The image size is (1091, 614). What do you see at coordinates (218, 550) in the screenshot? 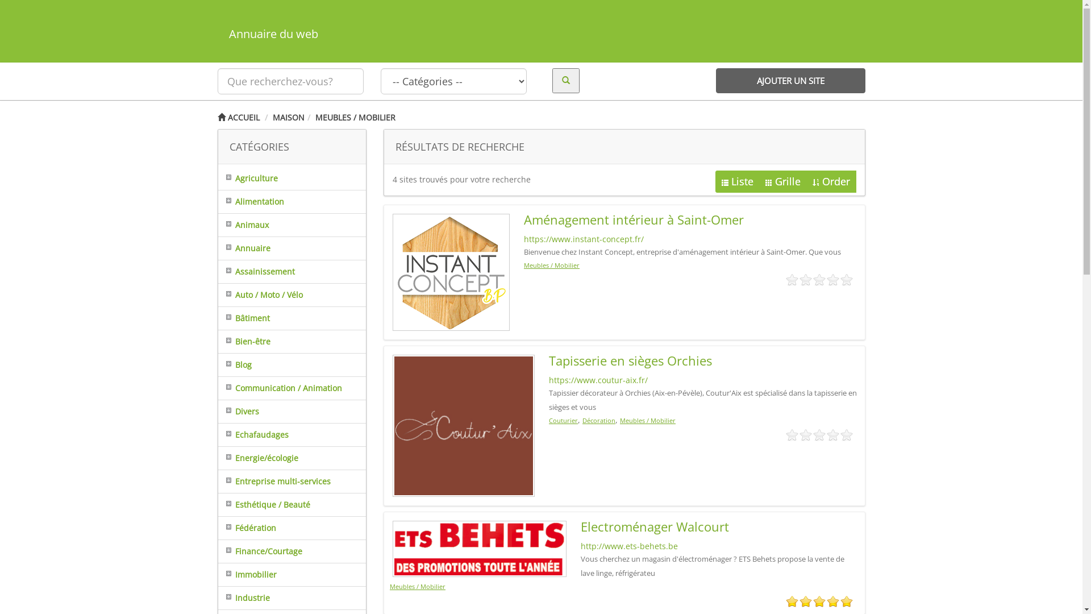
I see `'Finance/Courtage'` at bounding box center [218, 550].